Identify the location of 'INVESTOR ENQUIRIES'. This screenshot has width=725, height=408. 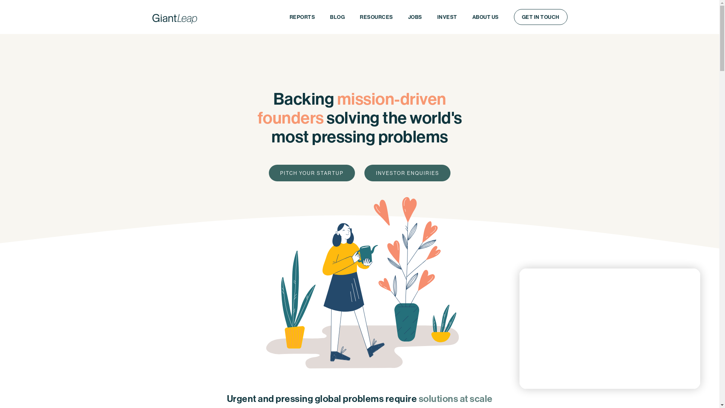
(407, 173).